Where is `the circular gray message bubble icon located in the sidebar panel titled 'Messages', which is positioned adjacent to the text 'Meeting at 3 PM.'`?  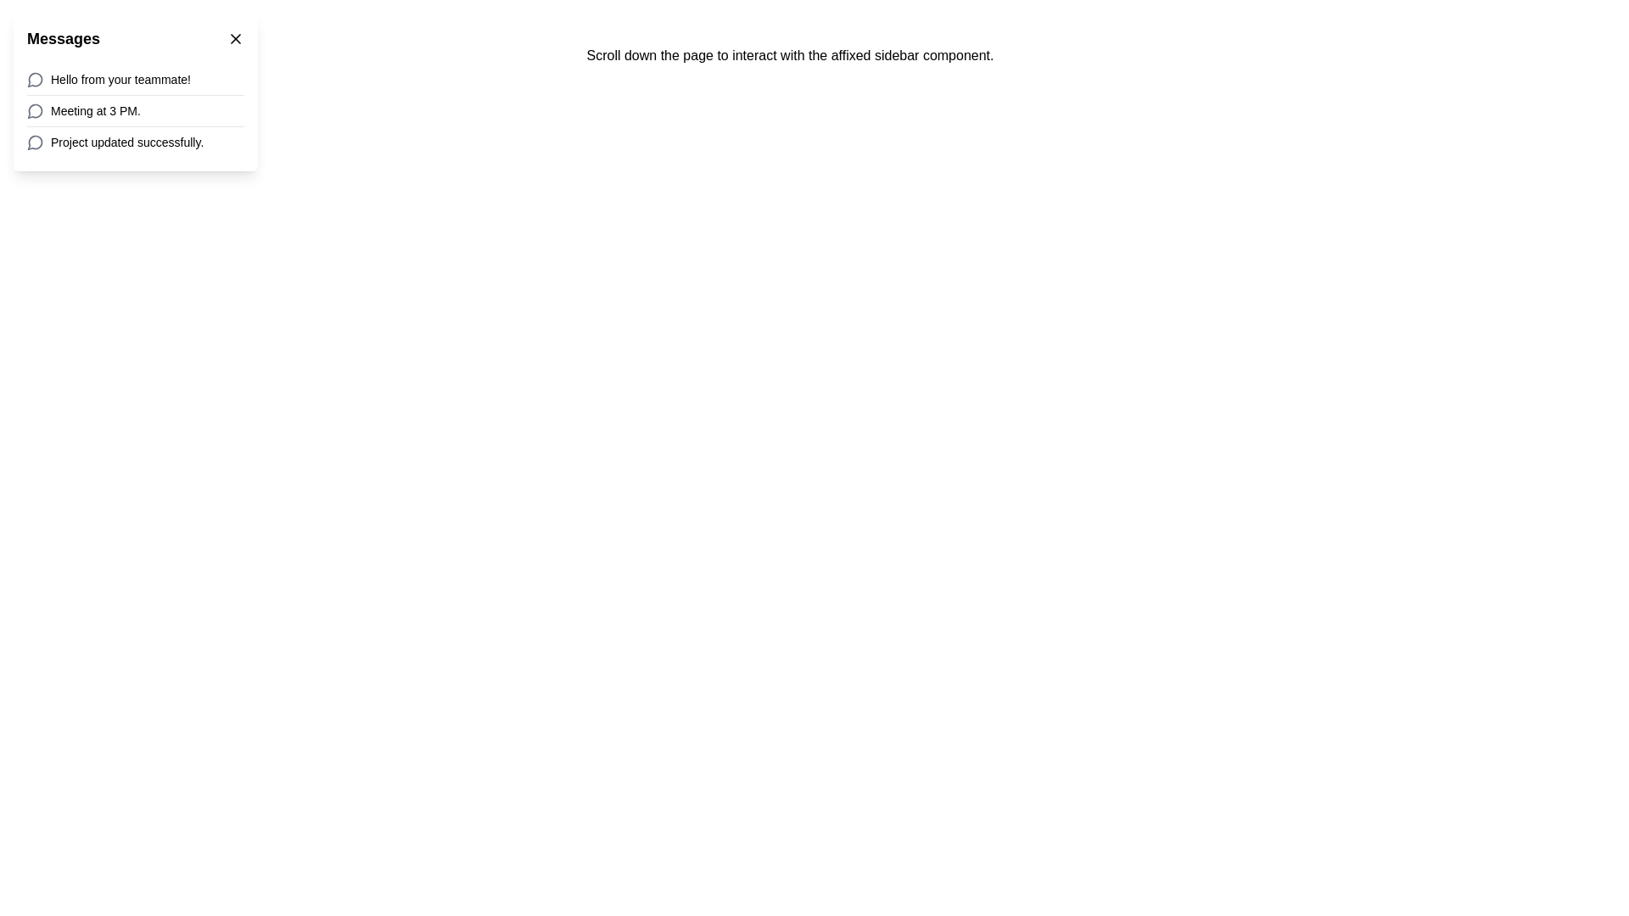 the circular gray message bubble icon located in the sidebar panel titled 'Messages', which is positioned adjacent to the text 'Meeting at 3 PM.' is located at coordinates (35, 111).